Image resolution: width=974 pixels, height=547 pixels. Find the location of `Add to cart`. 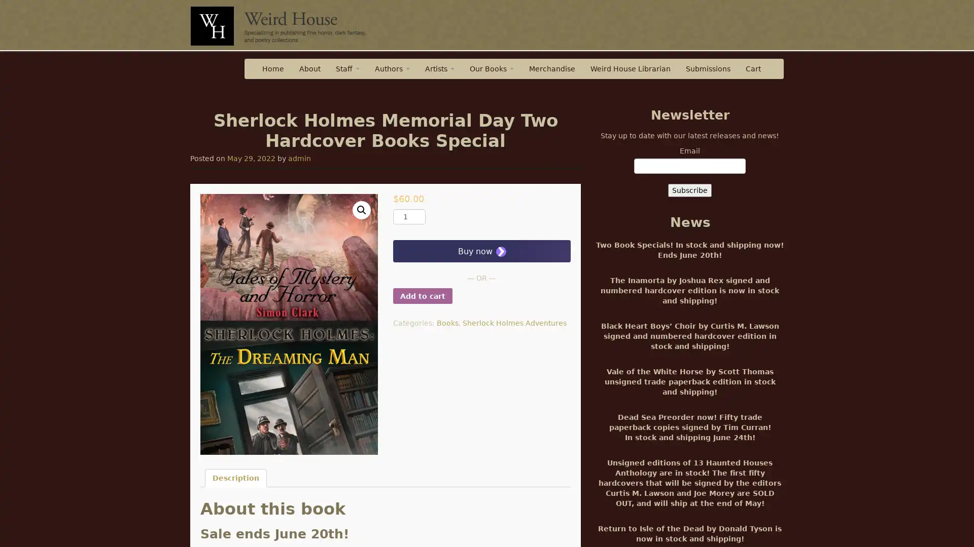

Add to cart is located at coordinates (422, 296).